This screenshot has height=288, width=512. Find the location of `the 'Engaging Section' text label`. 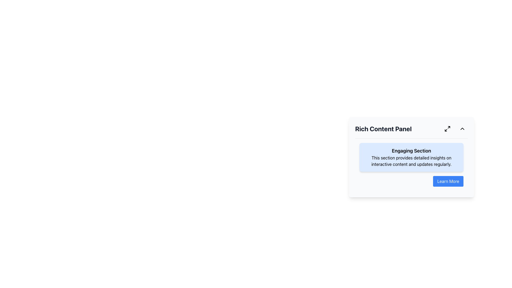

the 'Engaging Section' text label is located at coordinates (411, 151).